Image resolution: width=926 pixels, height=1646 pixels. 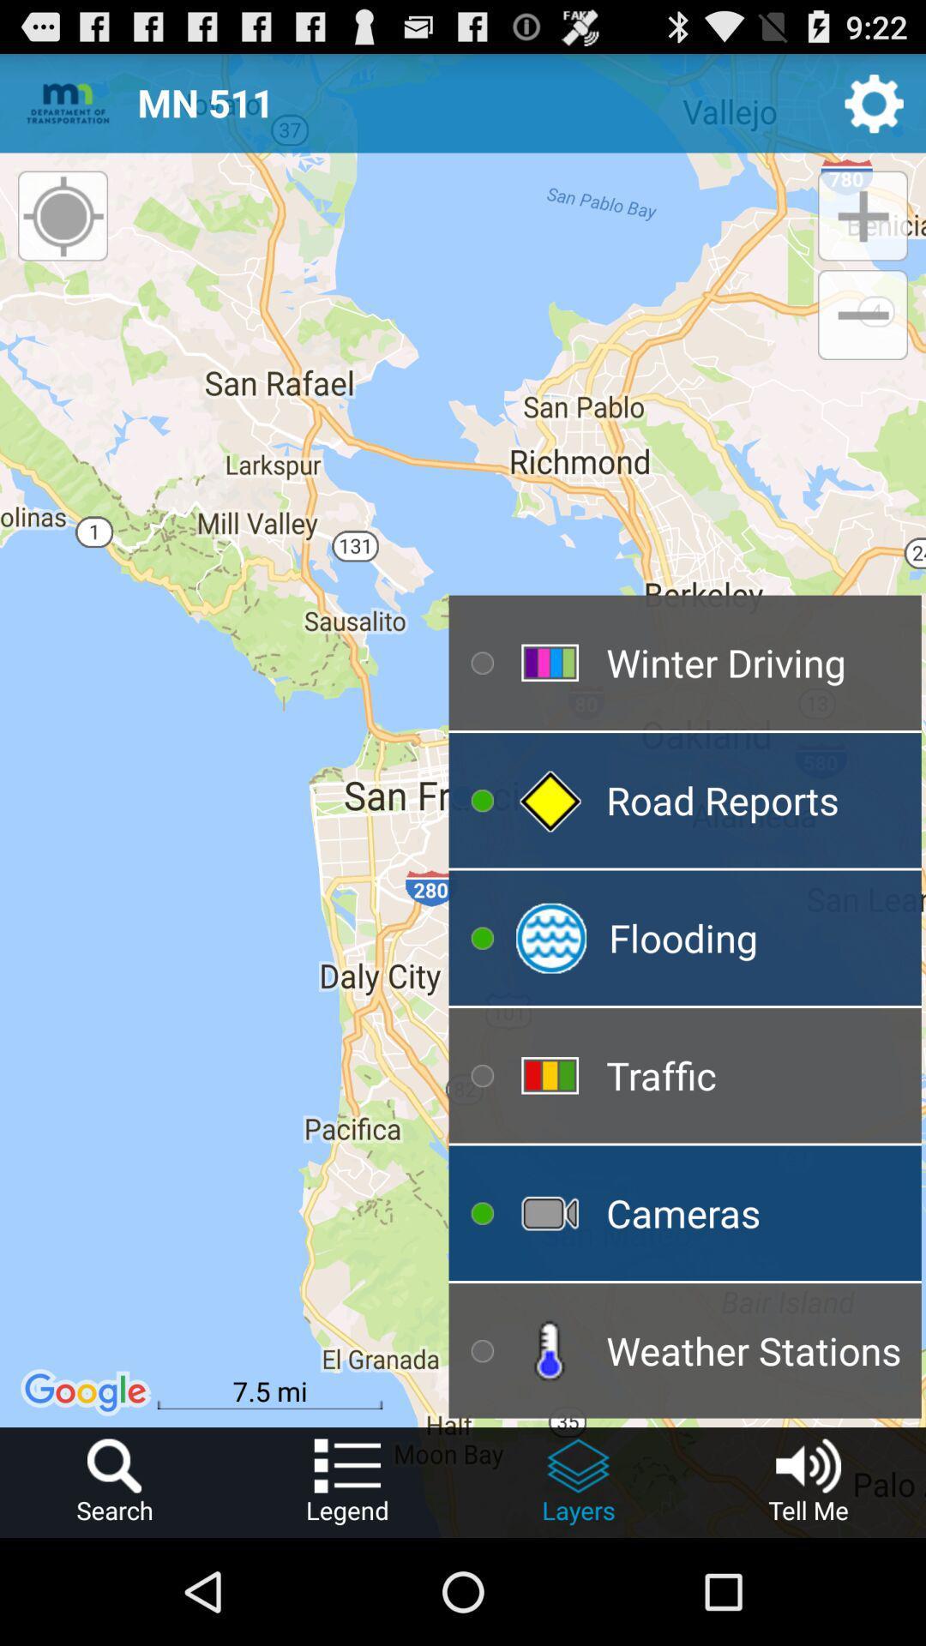 I want to click on switch to settings, so click(x=874, y=102).